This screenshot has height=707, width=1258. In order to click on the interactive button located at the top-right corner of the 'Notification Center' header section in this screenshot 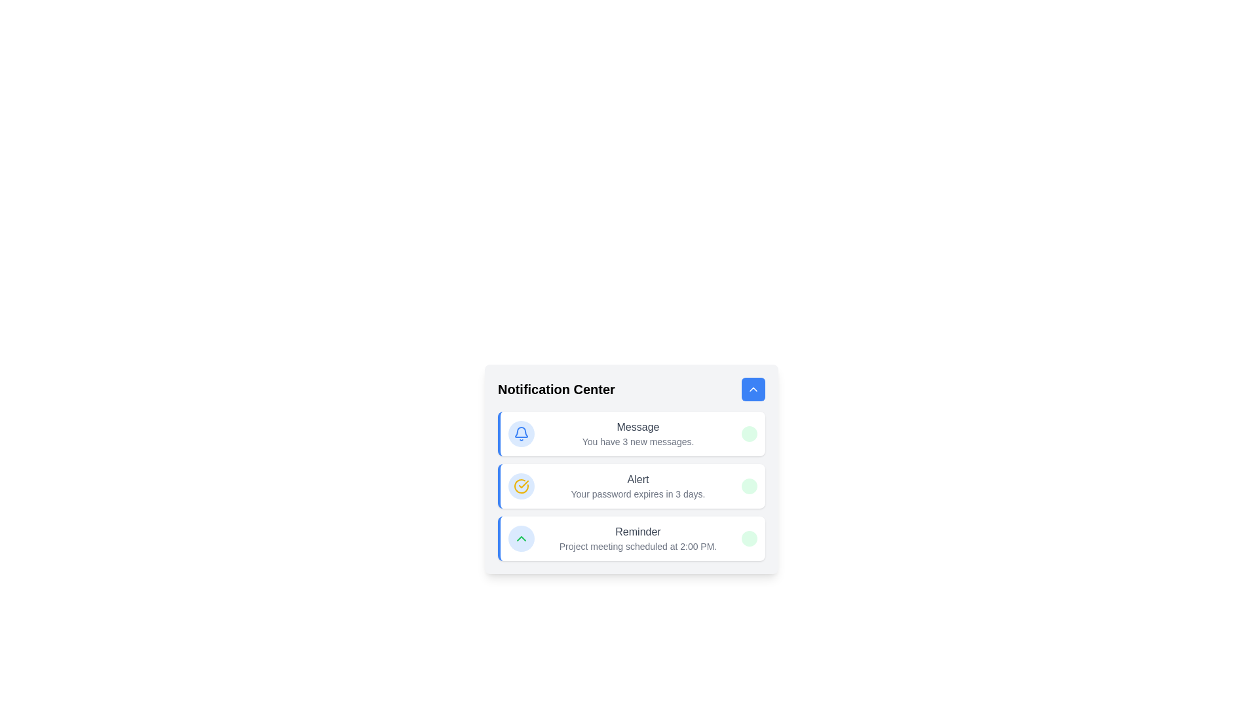, I will do `click(753, 388)`.